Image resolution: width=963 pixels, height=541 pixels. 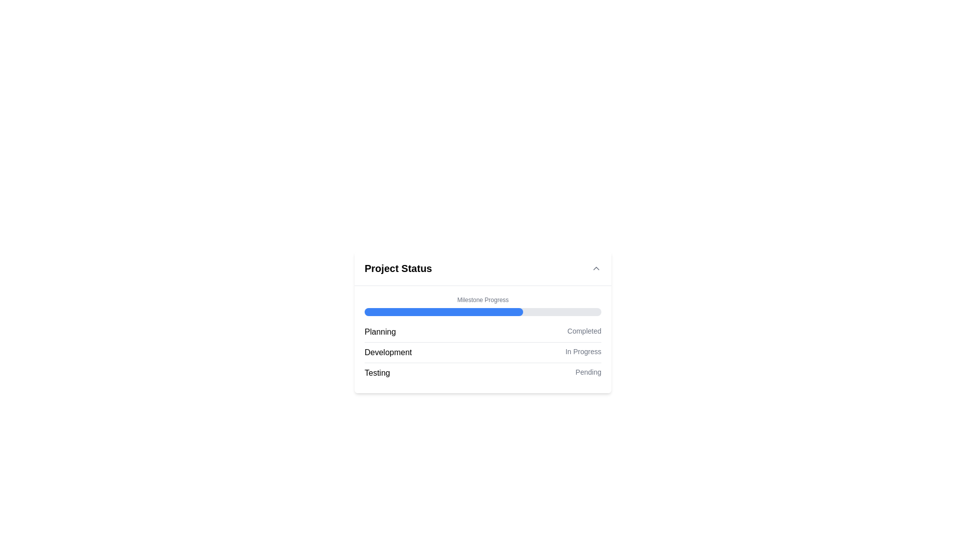 What do you see at coordinates (443, 312) in the screenshot?
I see `the progress bar indicating a 67% completion state located below the 'Milestone Progress' label on the 'Project Status' interface` at bounding box center [443, 312].